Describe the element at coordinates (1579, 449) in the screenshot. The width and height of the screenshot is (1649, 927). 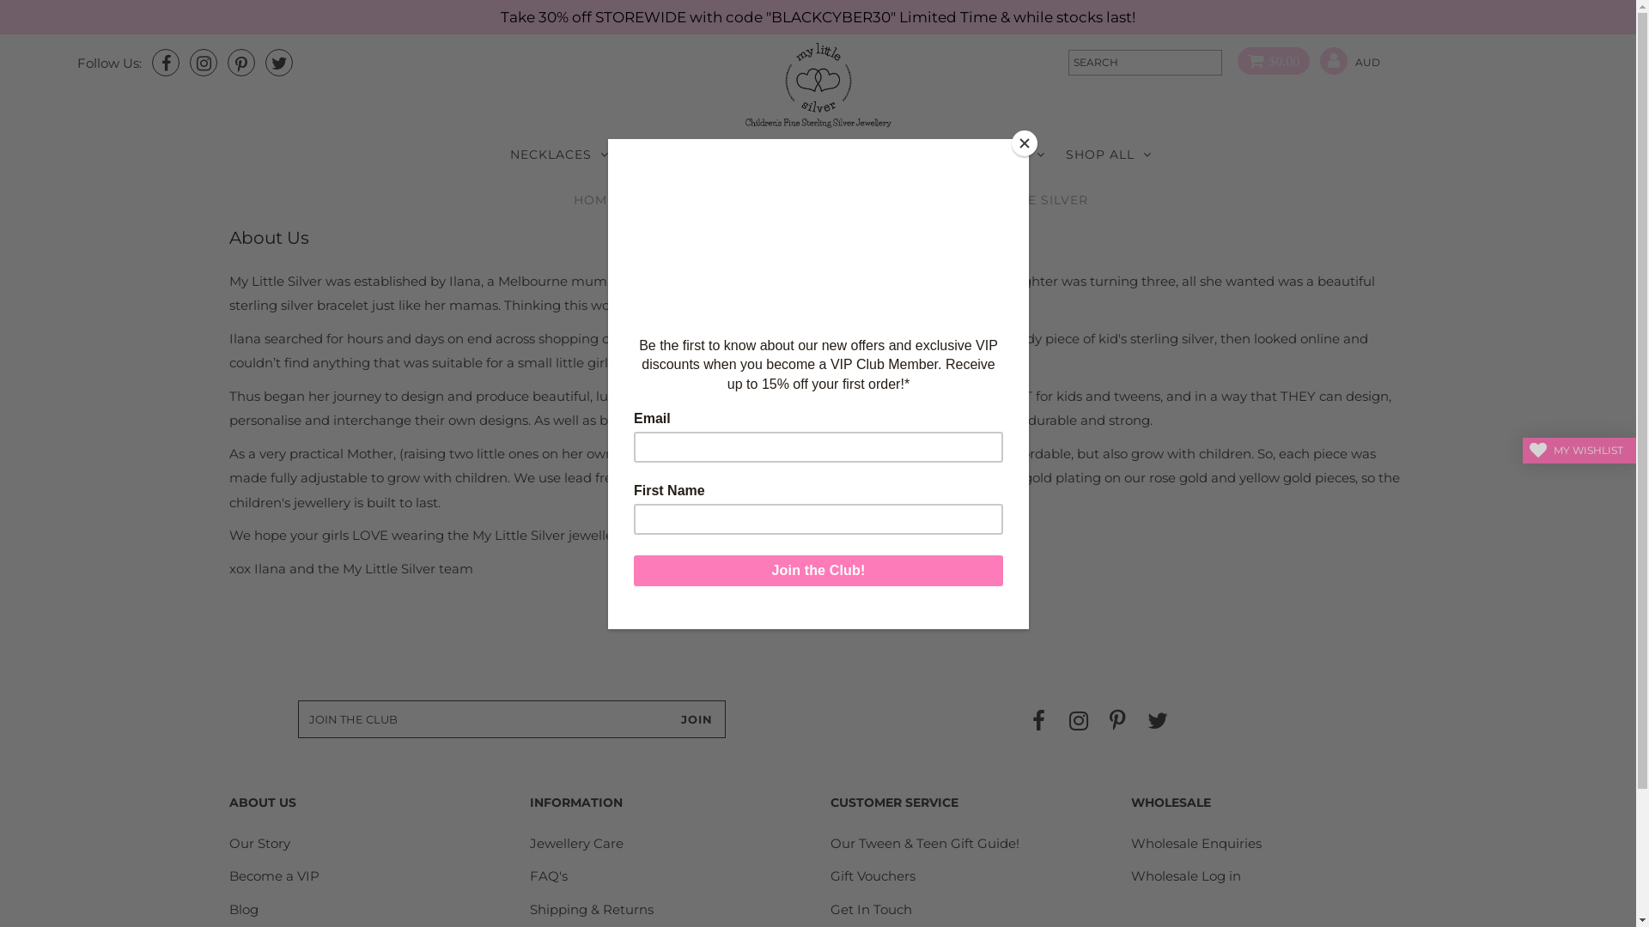
I see `'MY WISHLIST'` at that location.